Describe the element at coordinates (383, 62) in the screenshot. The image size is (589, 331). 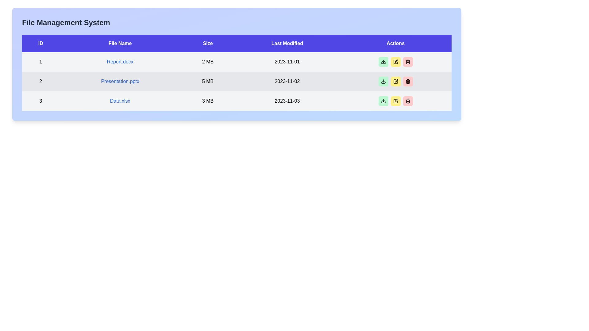
I see `the download button, which is the leftmost icon in the 'Actions' column of the second row of the table, encapsulated within a green-colored rounded rectangular button` at that location.